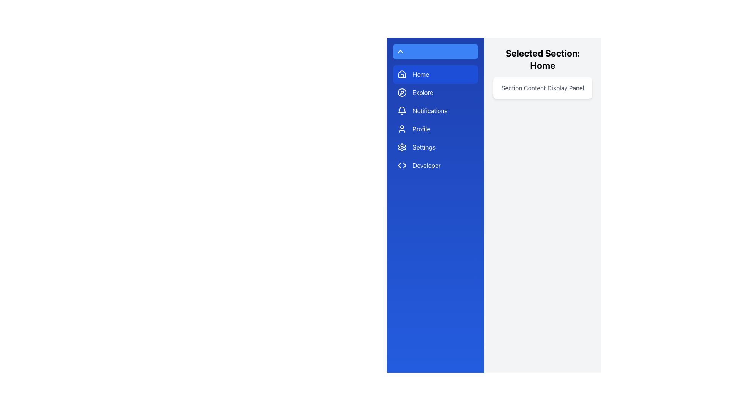 The image size is (729, 410). I want to click on the blue rectangular button labeled 'Developer' with code brackets (<>), so click(436, 165).